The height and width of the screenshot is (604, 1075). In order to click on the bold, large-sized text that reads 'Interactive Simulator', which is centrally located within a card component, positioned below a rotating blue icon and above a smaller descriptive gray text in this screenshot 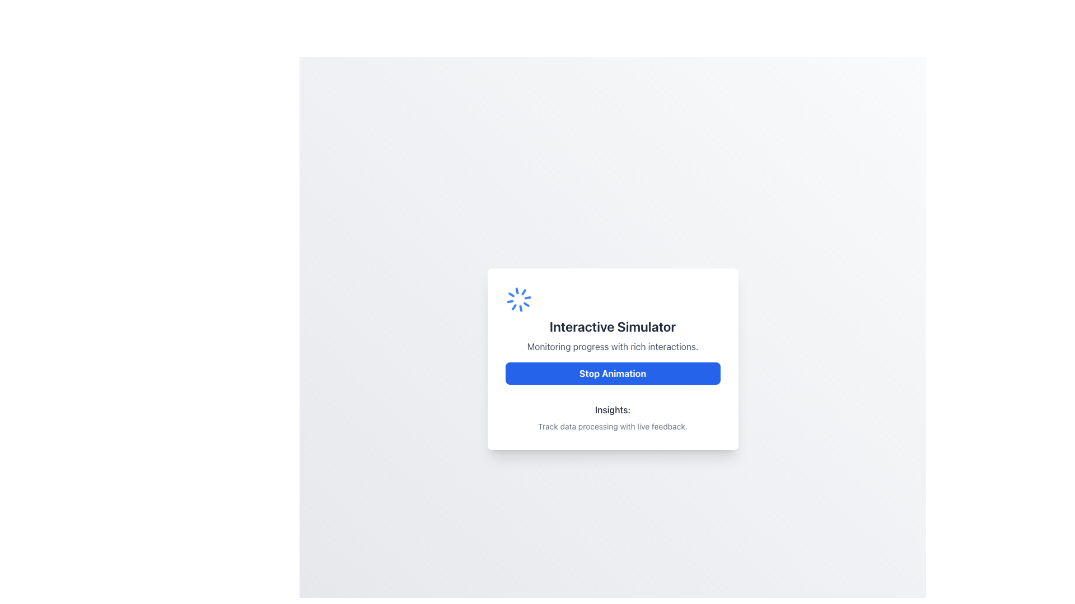, I will do `click(612, 326)`.